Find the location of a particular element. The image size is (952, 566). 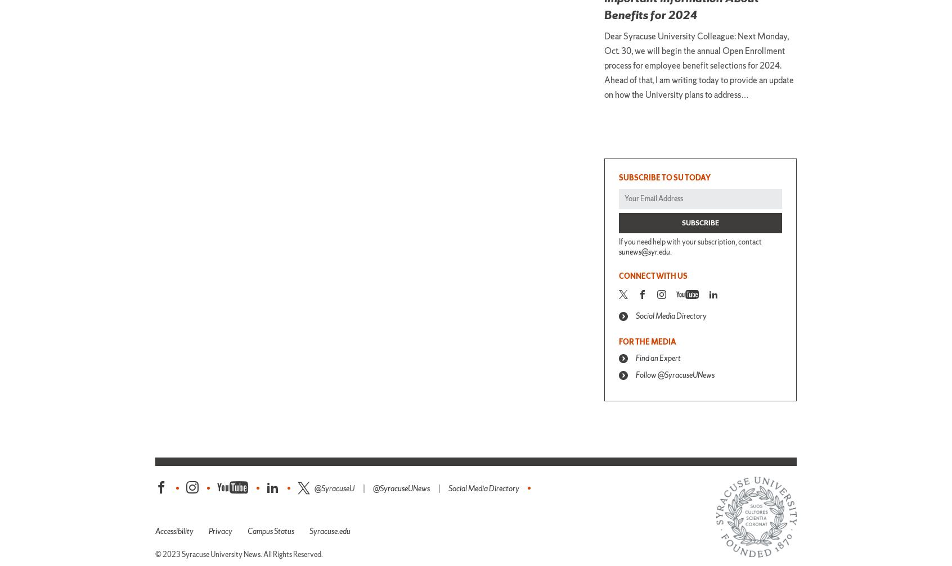

'Campus Status' is located at coordinates (270, 530).